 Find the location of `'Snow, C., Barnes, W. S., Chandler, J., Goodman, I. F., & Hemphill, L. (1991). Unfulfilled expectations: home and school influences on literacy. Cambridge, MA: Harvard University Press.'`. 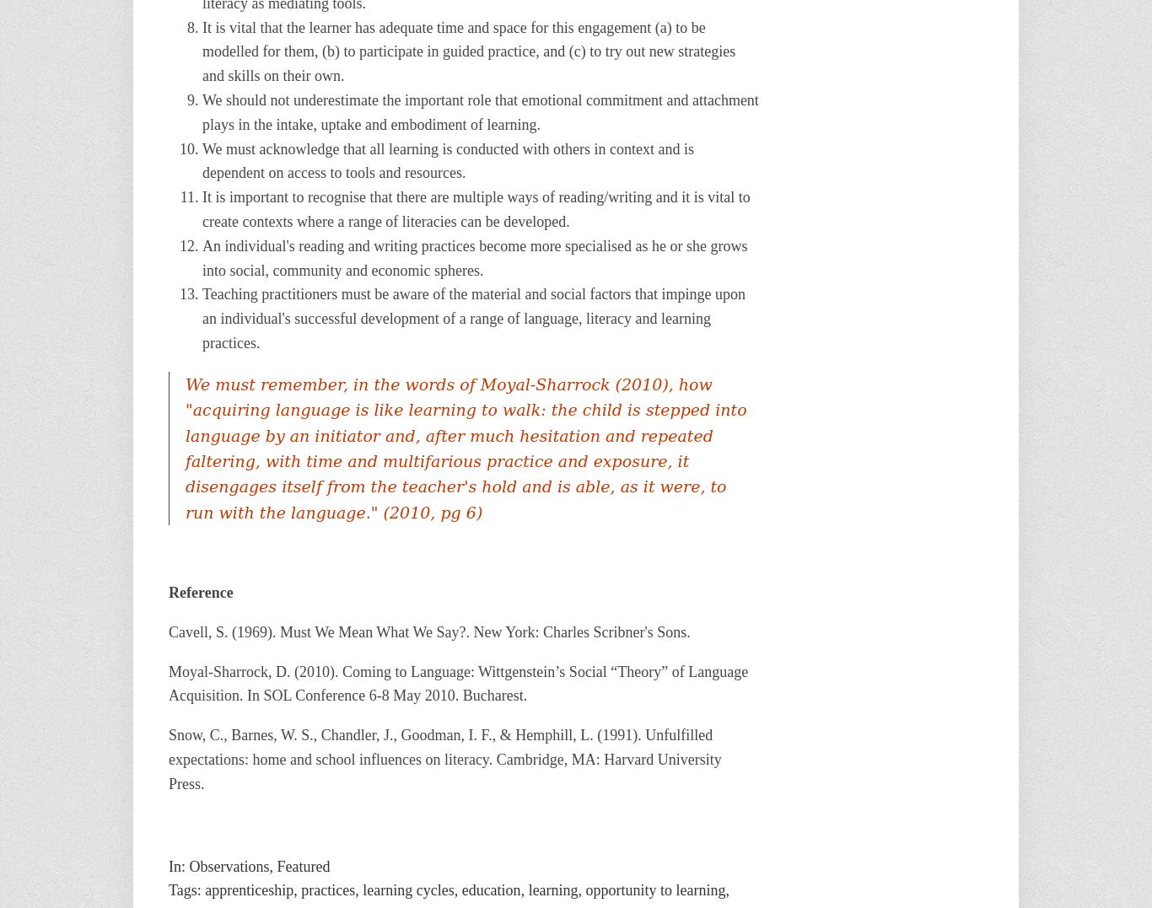

'Snow, C., Barnes, W. S., Chandler, J., Goodman, I. F., & Hemphill, L. (1991). Unfulfilled expectations: home and school influences on literacy. Cambridge, MA: Harvard University Press.' is located at coordinates (444, 759).